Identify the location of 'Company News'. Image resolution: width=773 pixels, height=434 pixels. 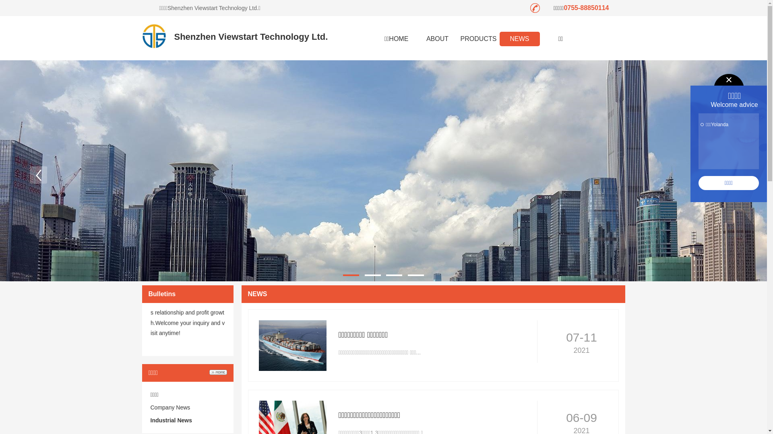
(170, 407).